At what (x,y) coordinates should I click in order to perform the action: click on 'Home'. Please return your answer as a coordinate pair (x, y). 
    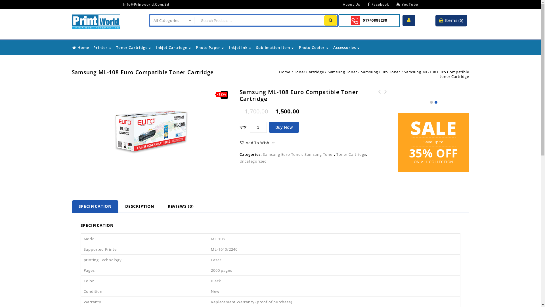
    Looking at the image, I should click on (80, 47).